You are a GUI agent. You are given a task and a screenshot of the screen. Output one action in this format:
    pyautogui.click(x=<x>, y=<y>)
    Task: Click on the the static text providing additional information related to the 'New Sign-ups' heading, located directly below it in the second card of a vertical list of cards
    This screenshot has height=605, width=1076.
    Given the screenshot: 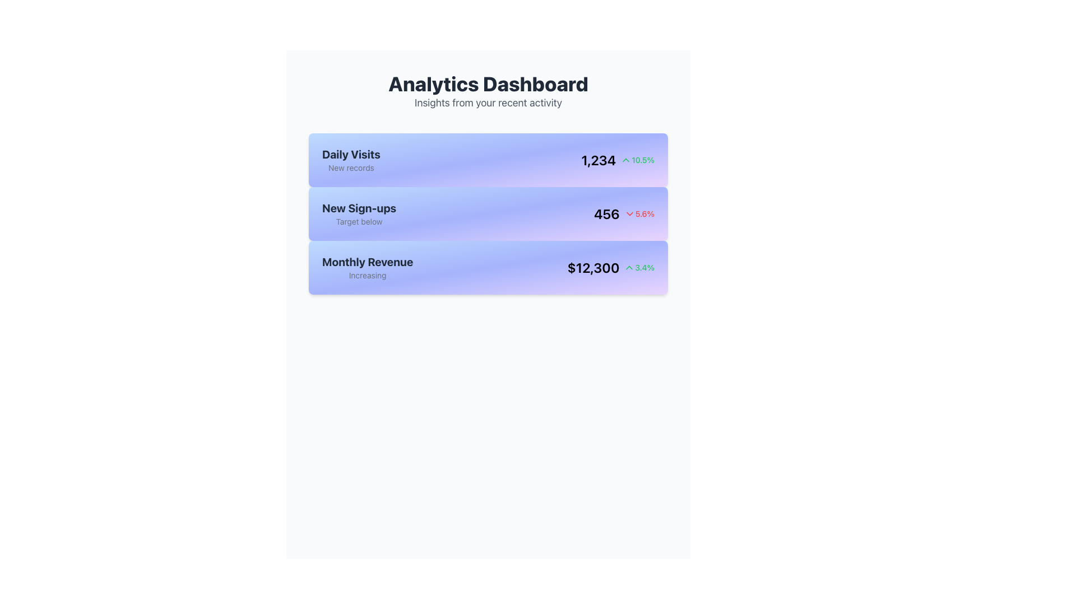 What is the action you would take?
    pyautogui.click(x=359, y=222)
    